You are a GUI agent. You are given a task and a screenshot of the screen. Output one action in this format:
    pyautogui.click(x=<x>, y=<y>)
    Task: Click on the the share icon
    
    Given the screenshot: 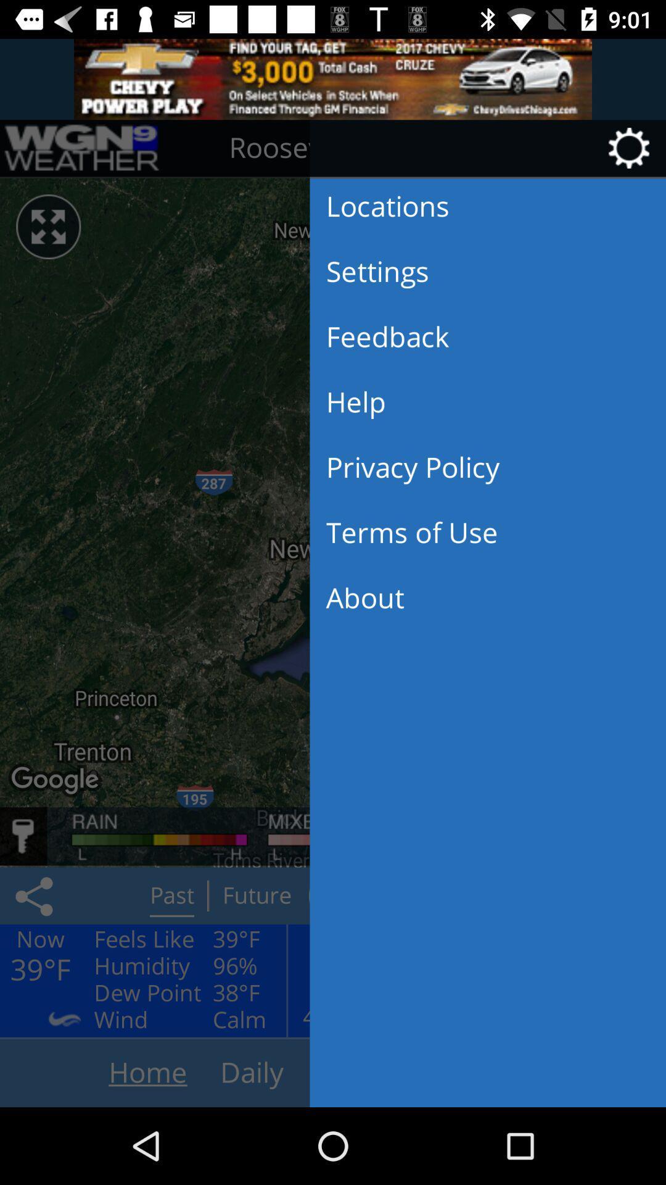 What is the action you would take?
    pyautogui.click(x=36, y=896)
    